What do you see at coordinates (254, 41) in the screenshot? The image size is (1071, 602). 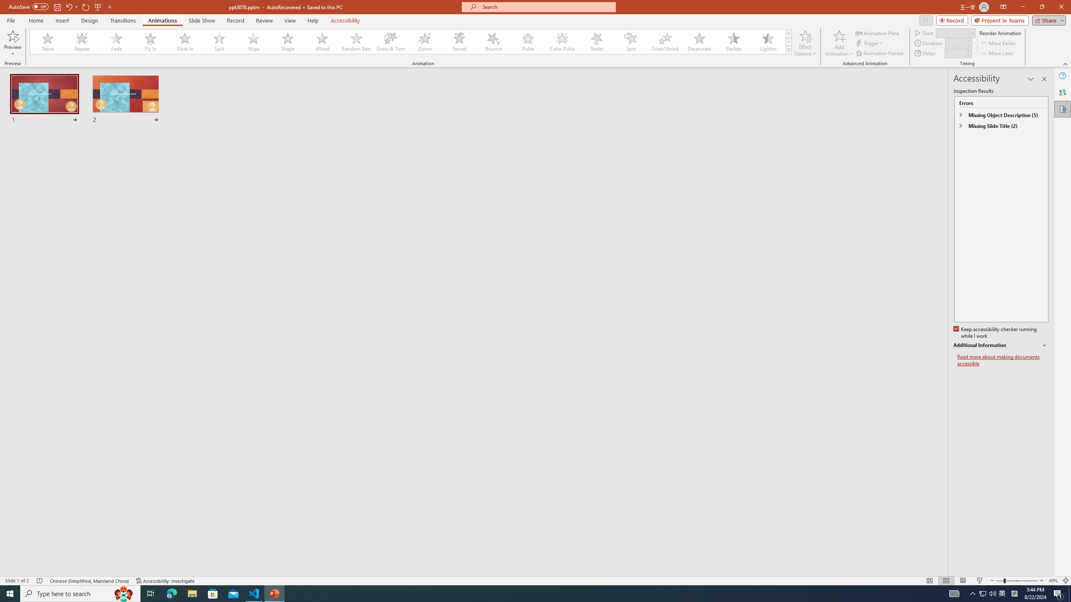 I see `'Wipe'` at bounding box center [254, 41].